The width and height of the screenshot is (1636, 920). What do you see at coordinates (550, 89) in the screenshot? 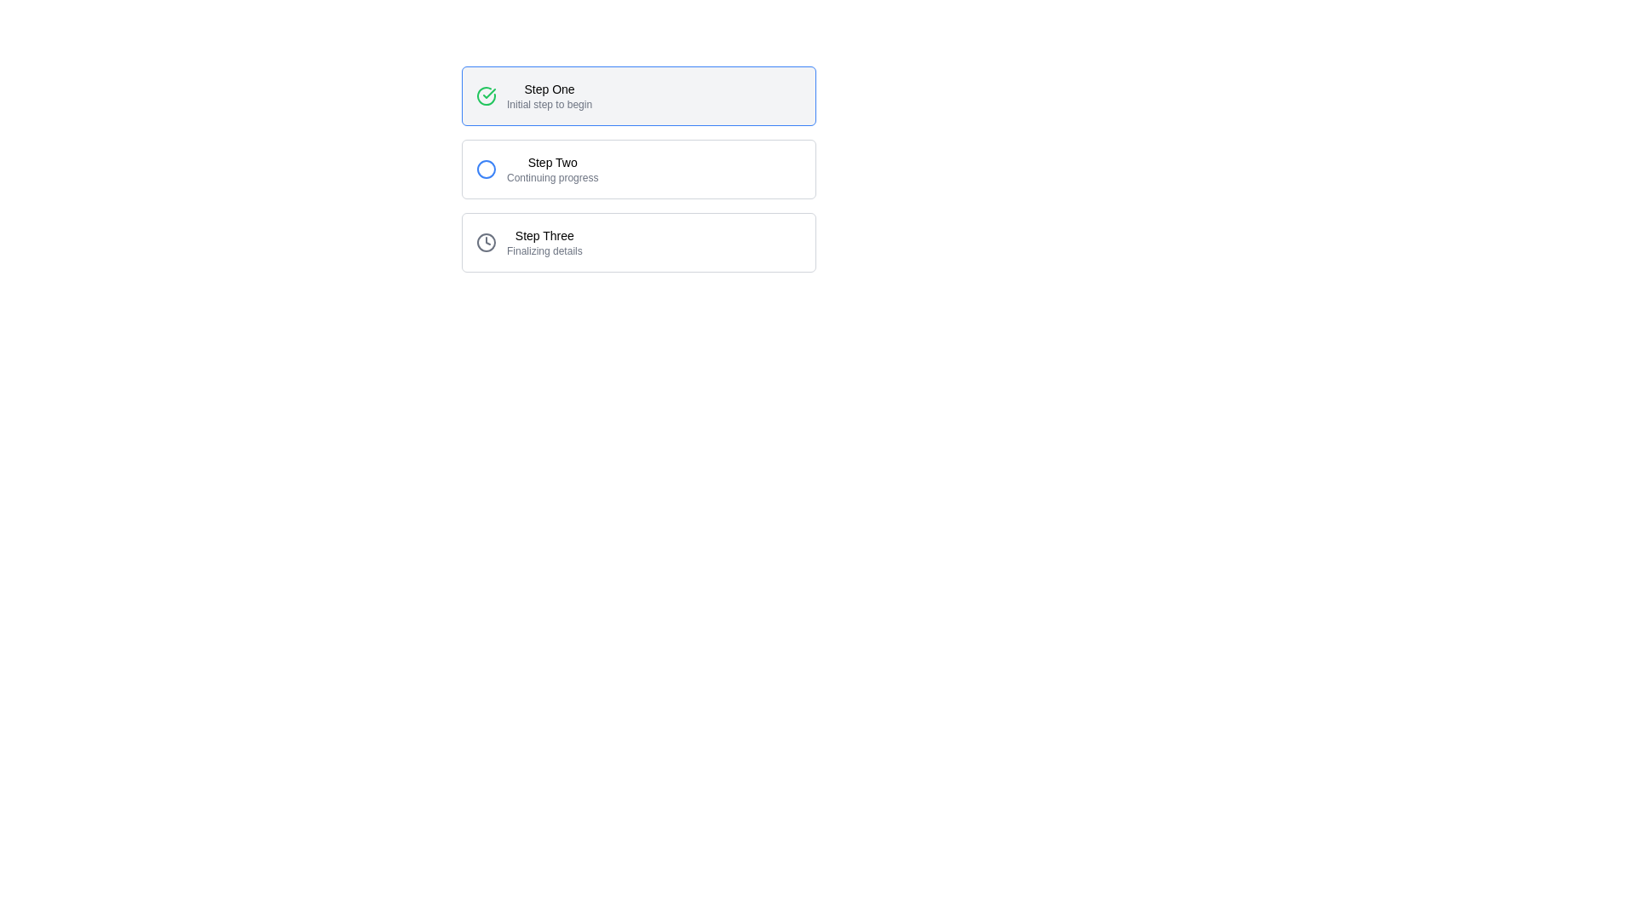
I see `the 'Step One' text label, which is a bold medium-sized font located at the top of a step indicator in a multi-step interface` at bounding box center [550, 89].